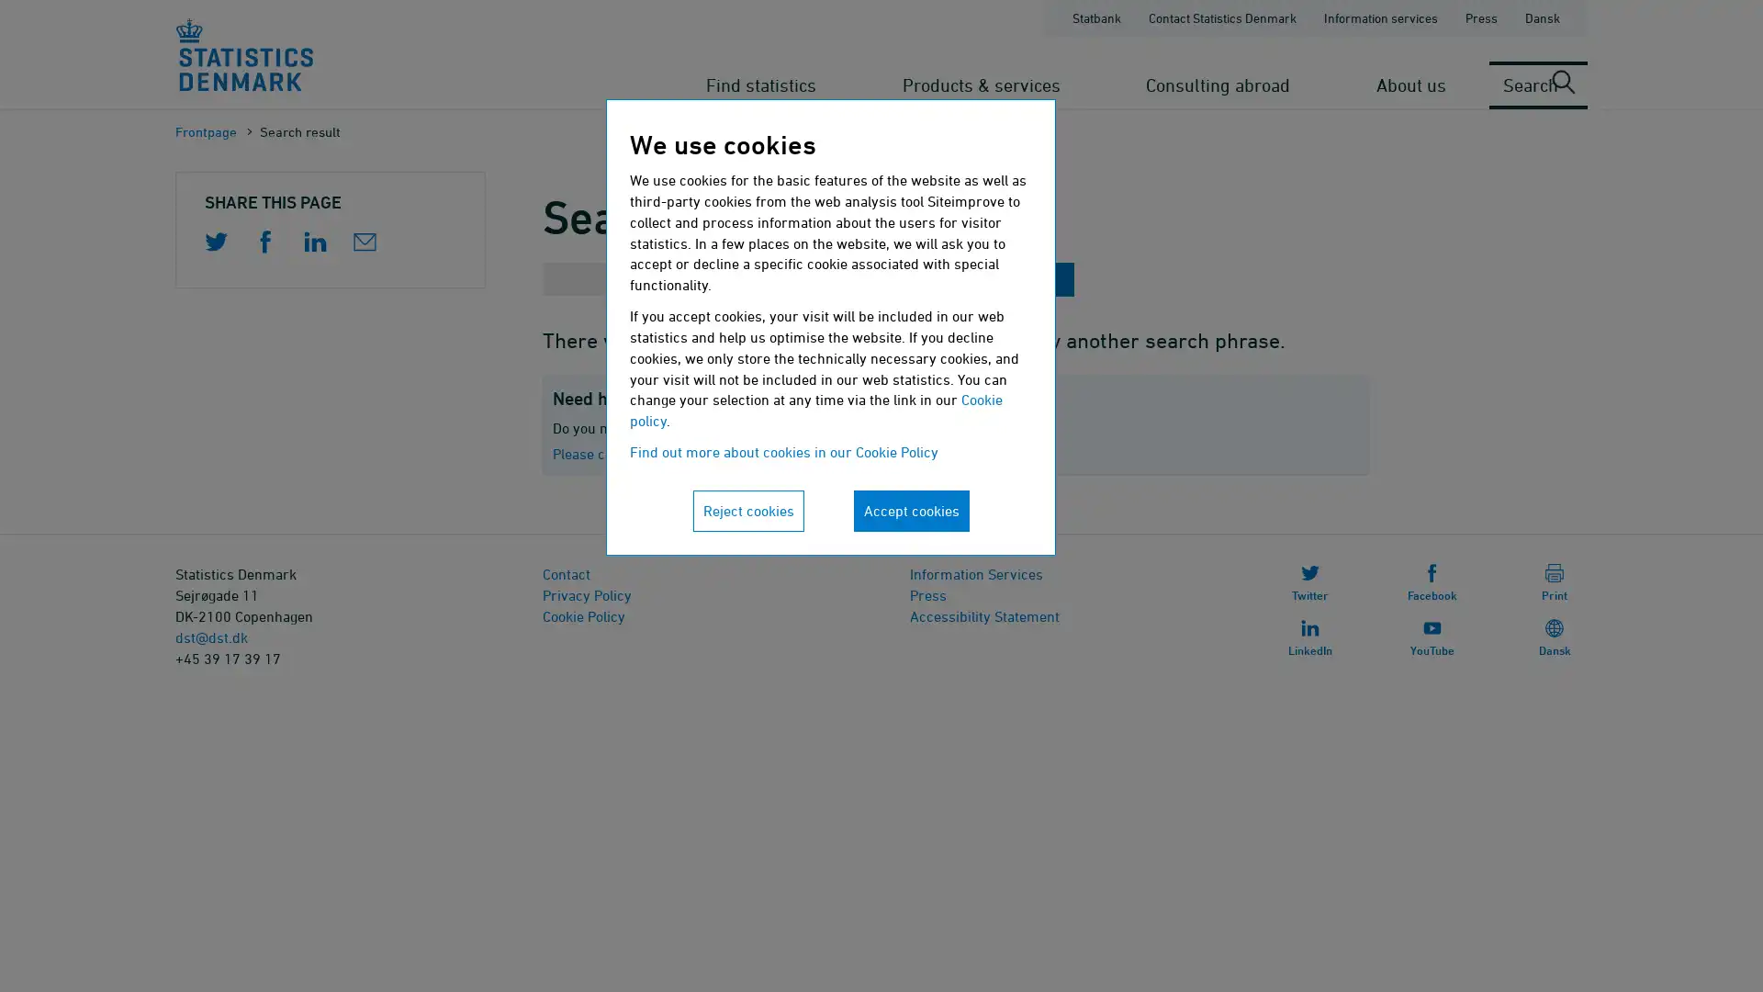  I want to click on Reject cookies, so click(747, 510).